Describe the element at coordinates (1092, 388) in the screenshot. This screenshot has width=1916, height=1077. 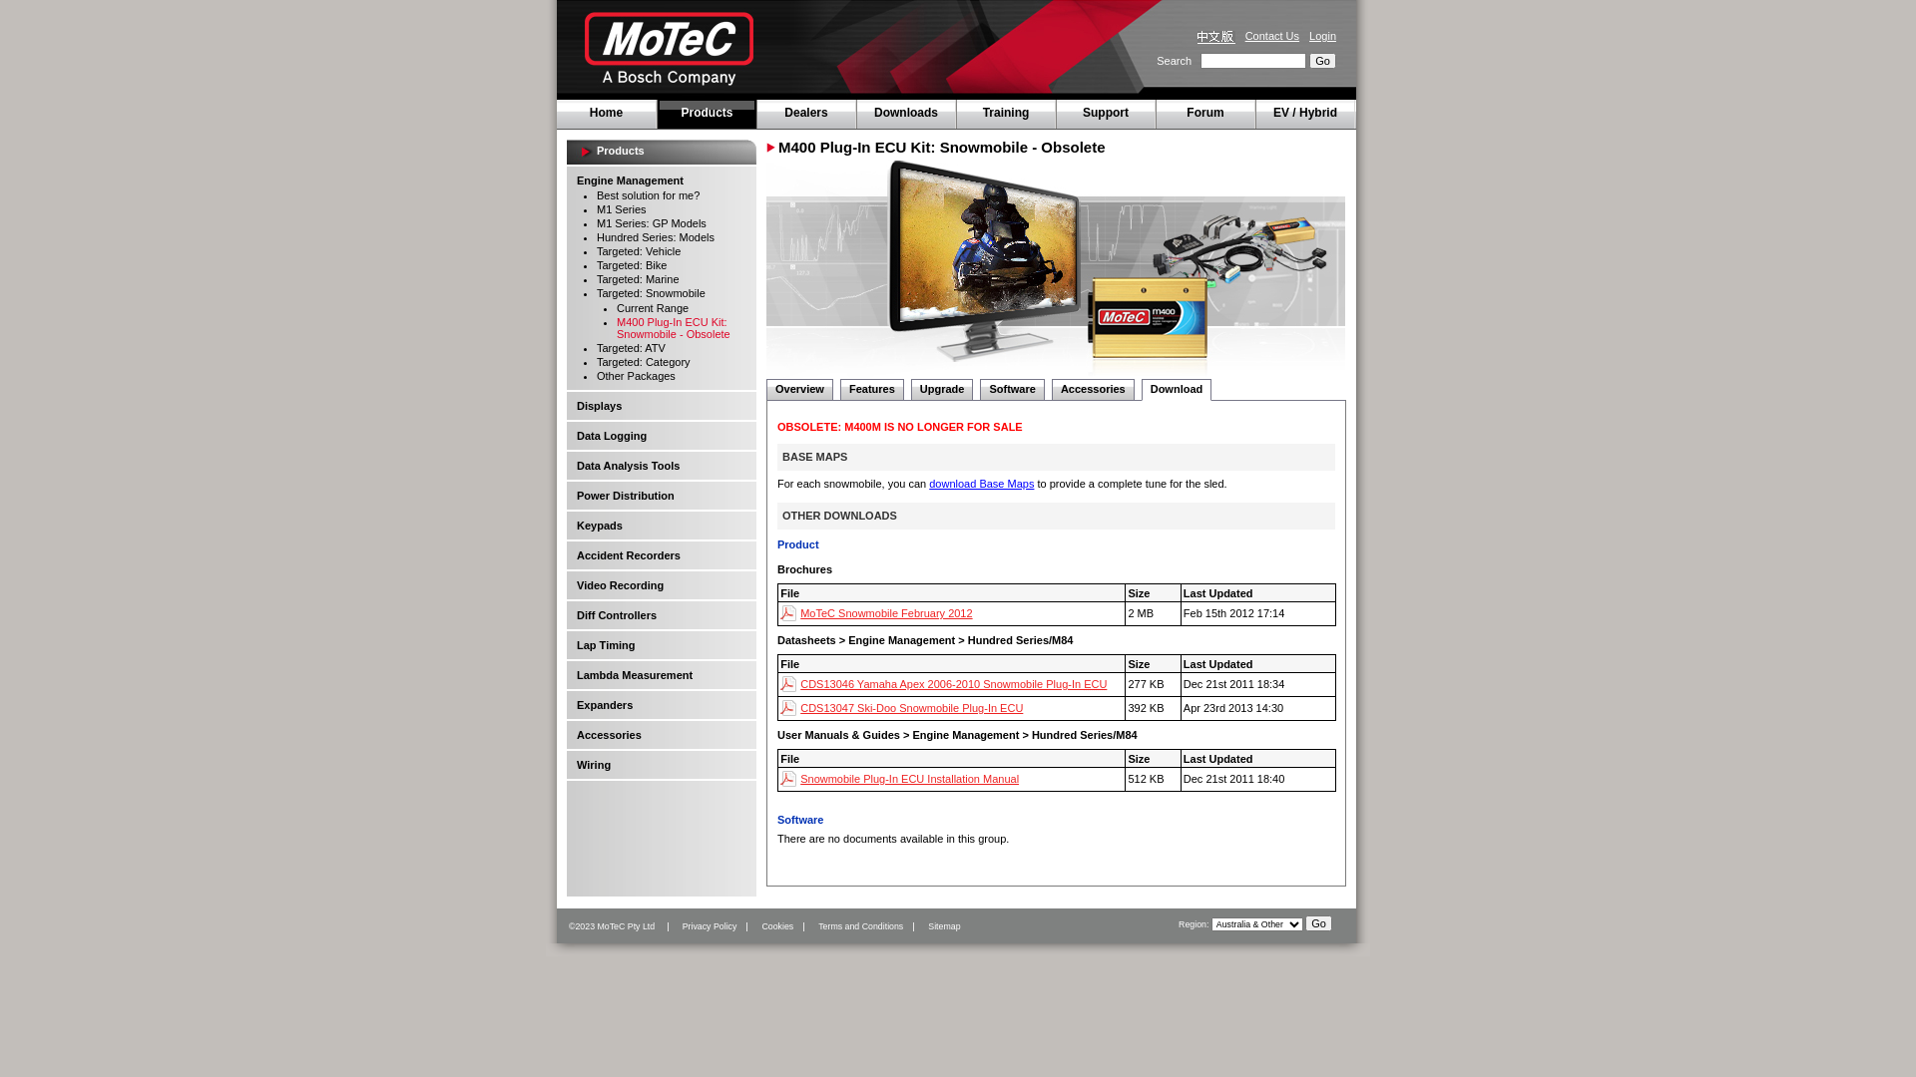
I see `'Accessories'` at that location.